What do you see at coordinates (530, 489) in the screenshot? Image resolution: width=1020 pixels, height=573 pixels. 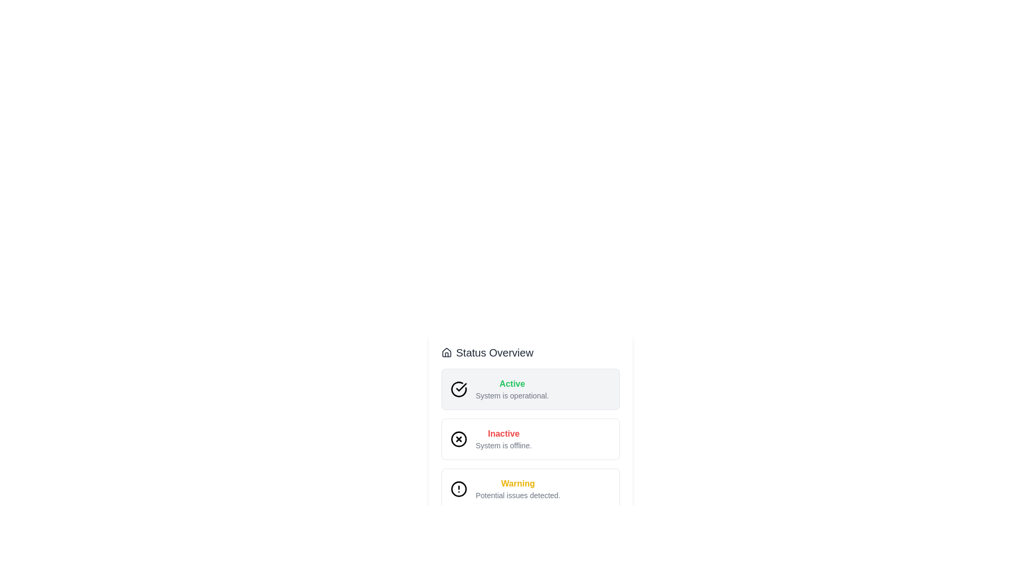 I see `the Status indicator box displaying a warning with the text 'Warning' and 'Potential issues detected.' for additional information` at bounding box center [530, 489].